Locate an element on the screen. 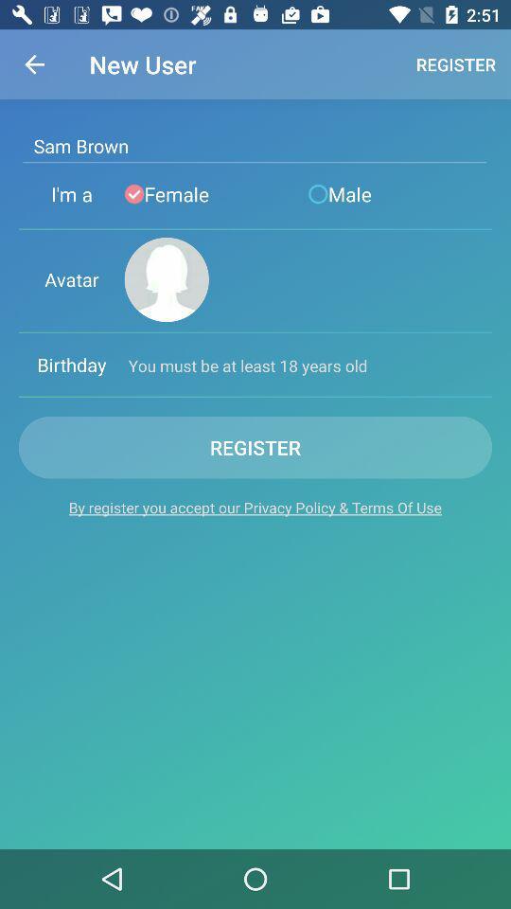 The image size is (511, 909). the avatar icon is located at coordinates (167, 278).